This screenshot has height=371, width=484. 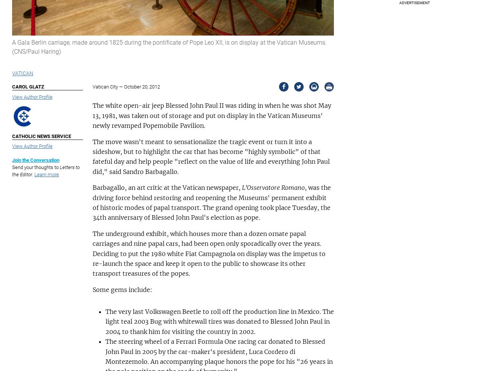 What do you see at coordinates (46, 174) in the screenshot?
I see `'Learn more'` at bounding box center [46, 174].